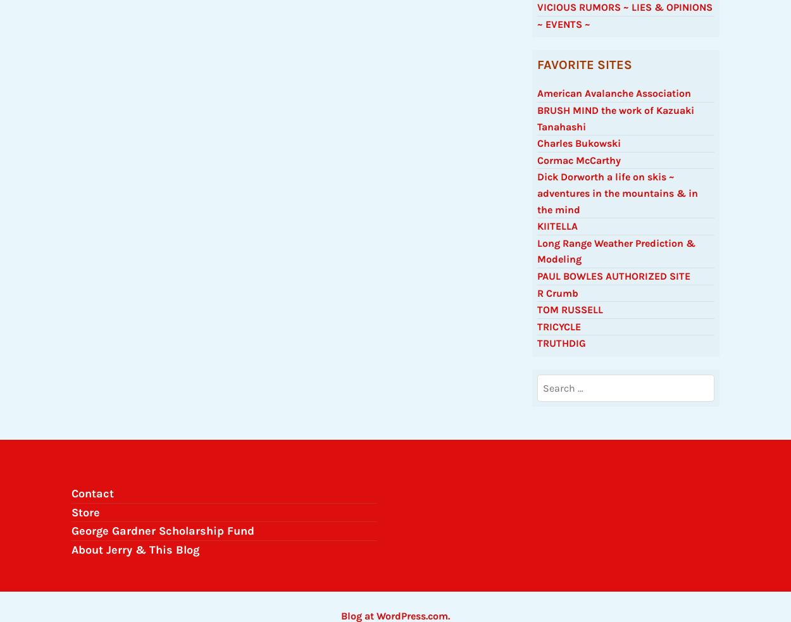 This screenshot has height=622, width=791. I want to click on 'Charles Bukowski', so click(537, 149).